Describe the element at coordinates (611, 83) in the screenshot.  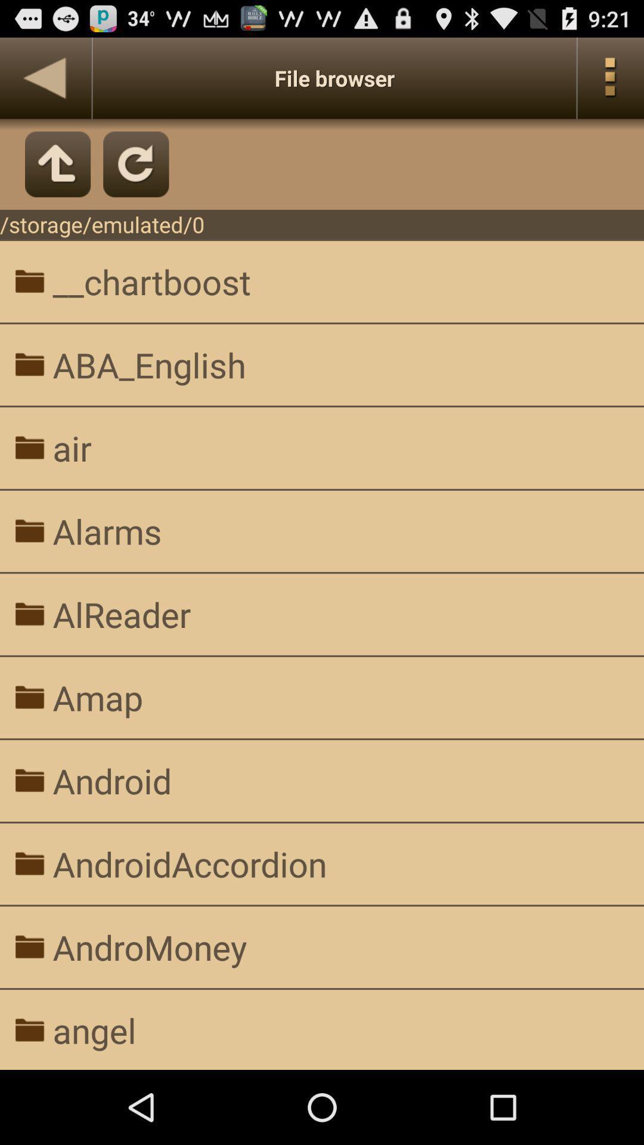
I see `the more icon` at that location.